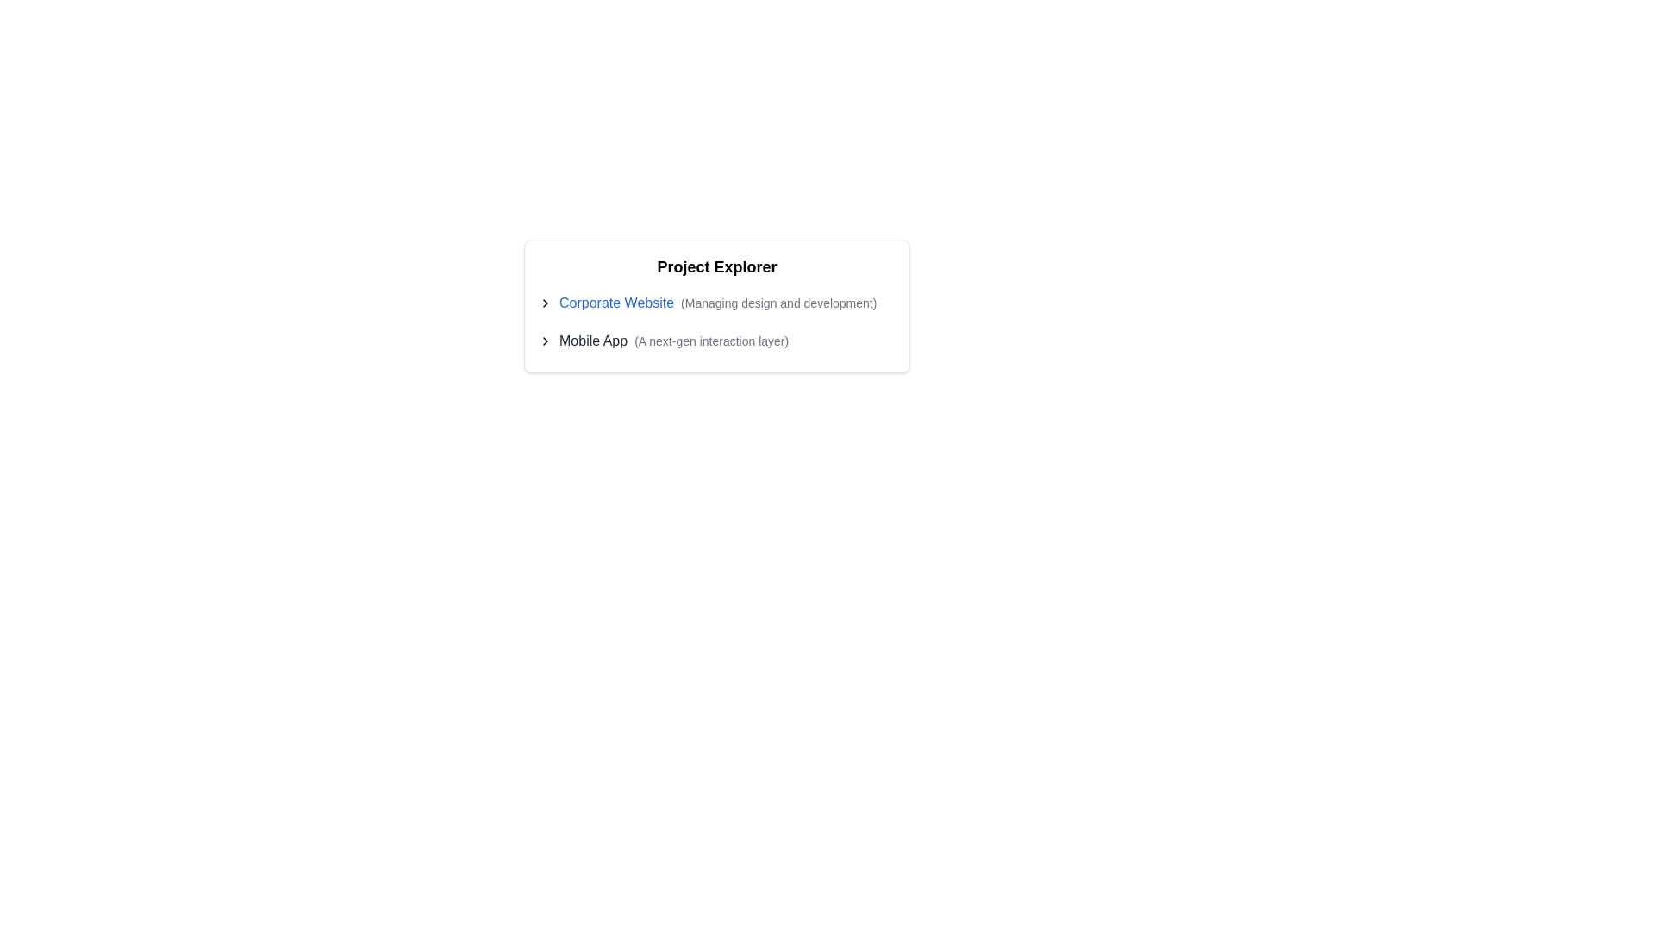 The height and width of the screenshot is (931, 1655). I want to click on the Text Label that serves as the title of the card component, located at the top area of the card layout above project entries, so click(716, 270).